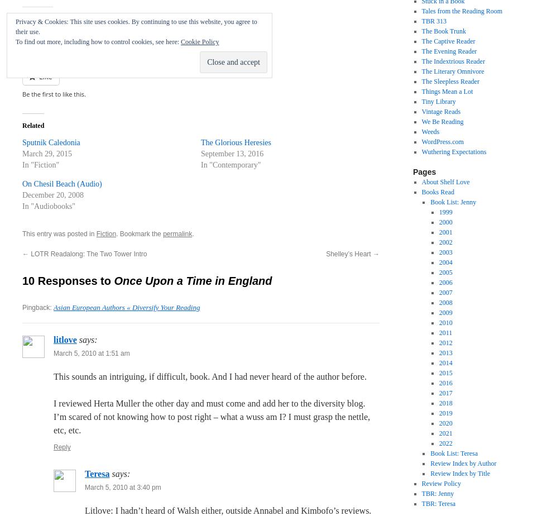  Describe the element at coordinates (421, 71) in the screenshot. I see `'The Literary Omnivore'` at that location.